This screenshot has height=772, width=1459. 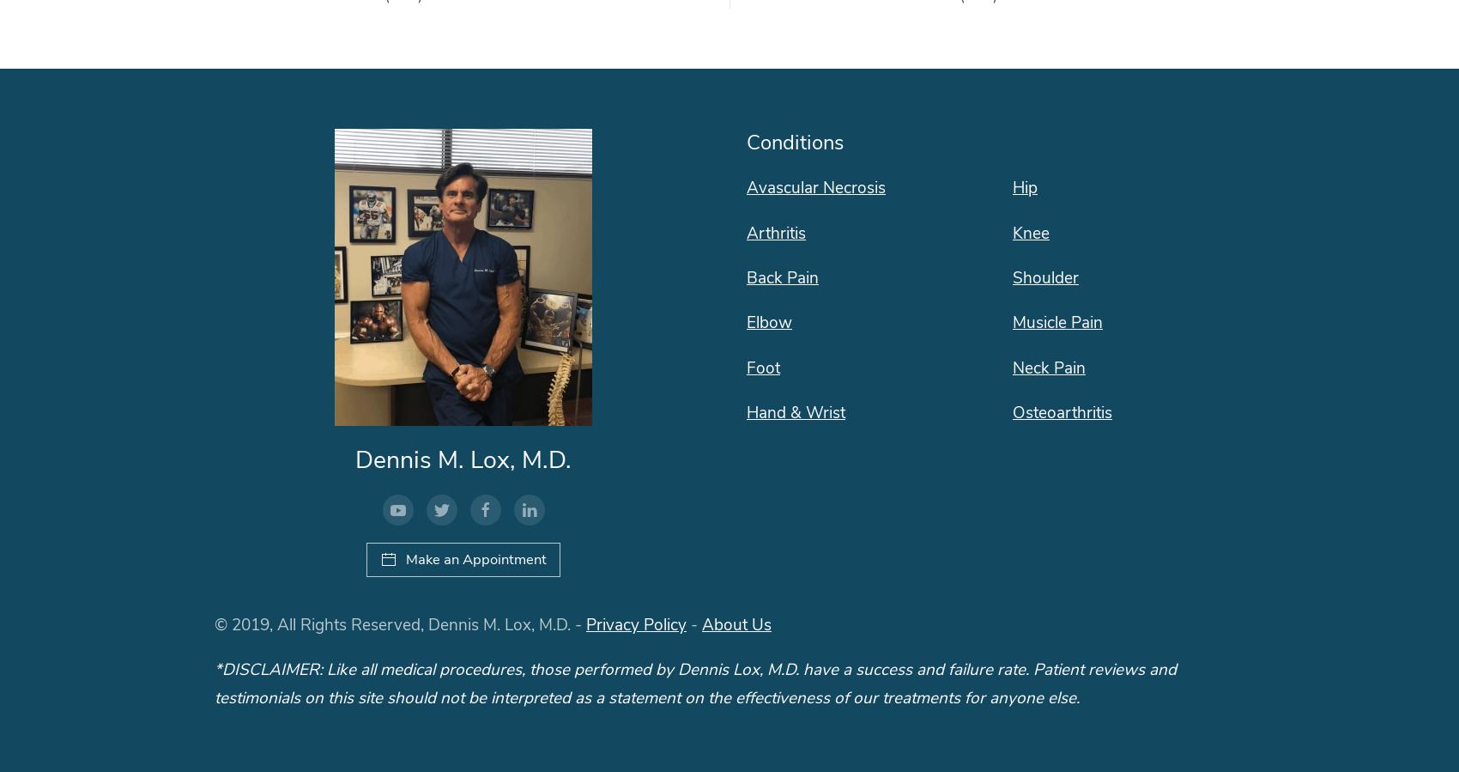 I want to click on '*DISCLAIMER: Like all medical procedures, those performed by Dennis Lox, M.D. have a success and failure rate. Patient reviews and testimonials on this site should not be interpreted as a statement on the effectiveness of our treatments for anyone else.', so click(x=694, y=683).